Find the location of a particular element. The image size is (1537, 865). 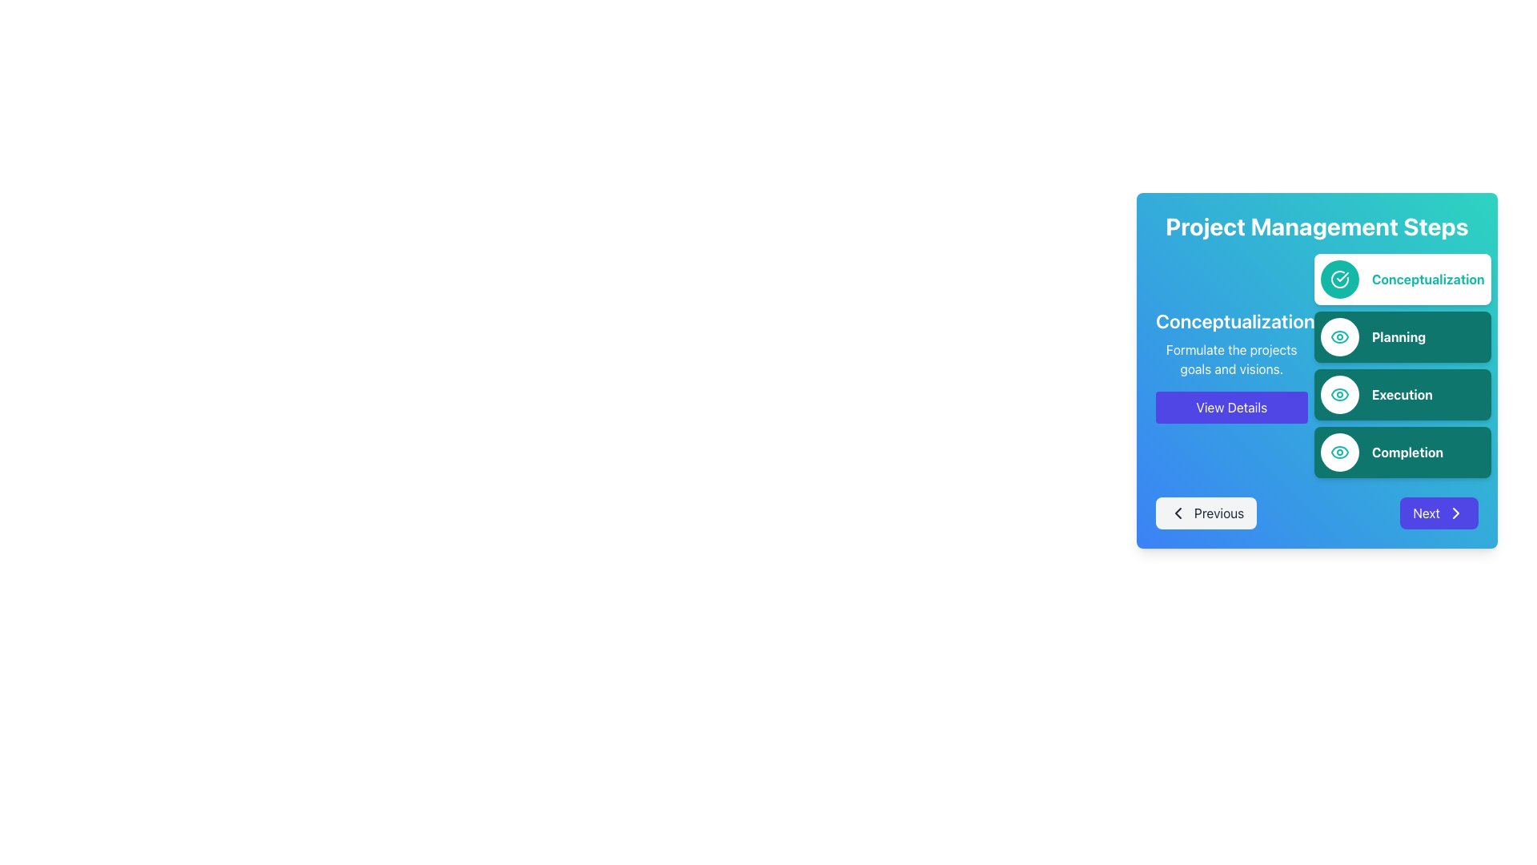

the bold text label displaying 'Execution', which is white on a teal background, positioned centrally below the 'Planning' text and above the 'Completion' text is located at coordinates (1401, 395).